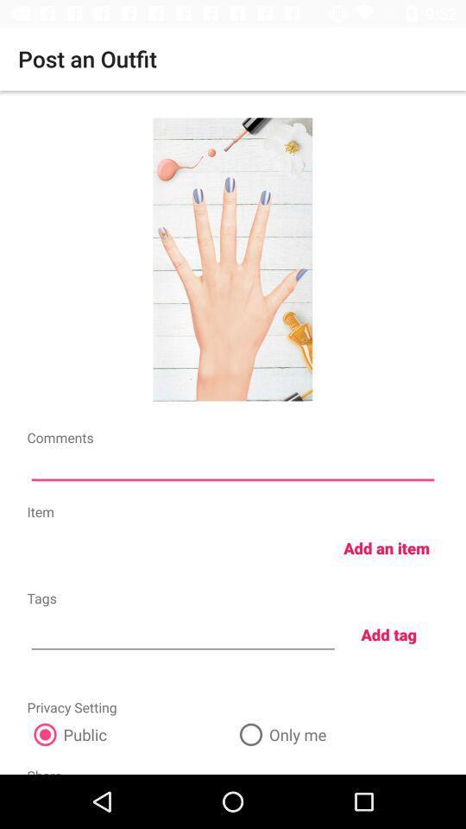  What do you see at coordinates (129, 733) in the screenshot?
I see `the icon next to the only me item` at bounding box center [129, 733].